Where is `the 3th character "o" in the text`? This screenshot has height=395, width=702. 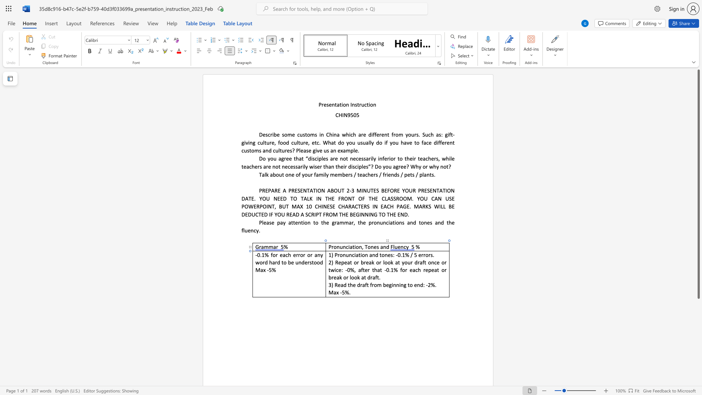
the 3th character "o" in the text is located at coordinates (385, 262).